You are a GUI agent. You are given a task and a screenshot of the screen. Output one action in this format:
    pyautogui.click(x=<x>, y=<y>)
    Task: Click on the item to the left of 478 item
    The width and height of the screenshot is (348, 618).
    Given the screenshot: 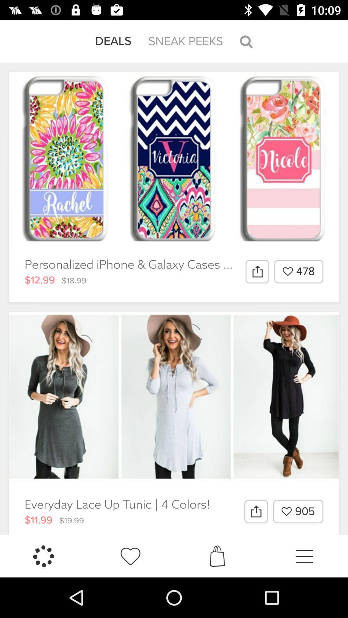 What is the action you would take?
    pyautogui.click(x=257, y=271)
    